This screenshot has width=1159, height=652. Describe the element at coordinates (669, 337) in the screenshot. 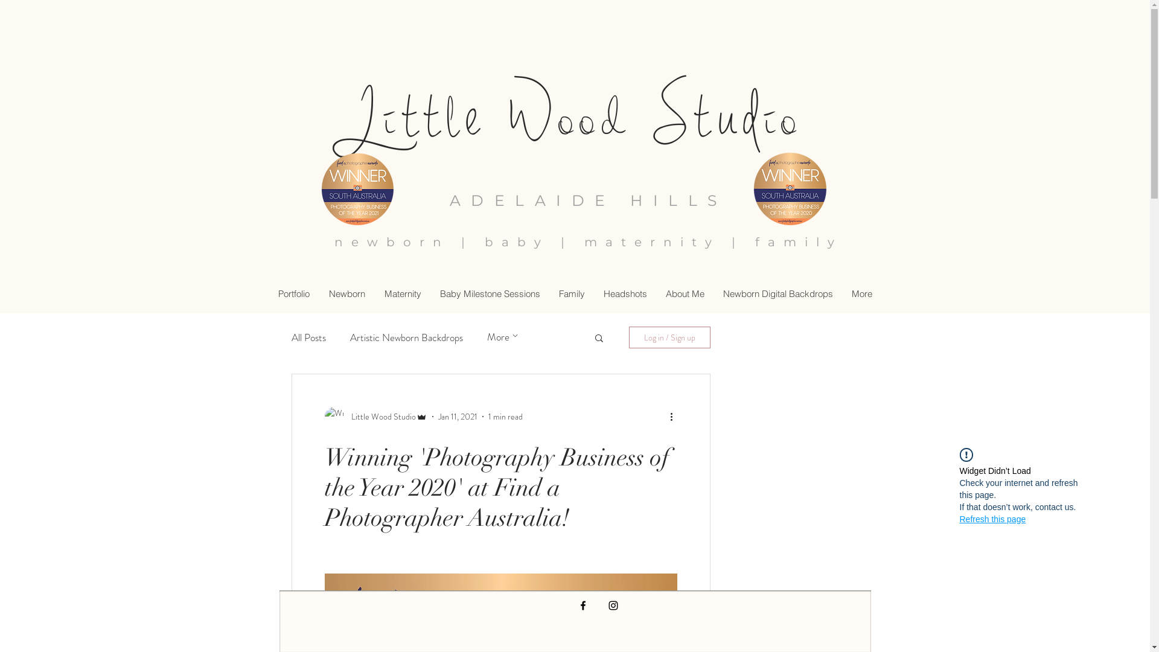

I see `'Log in / Sign up'` at that location.